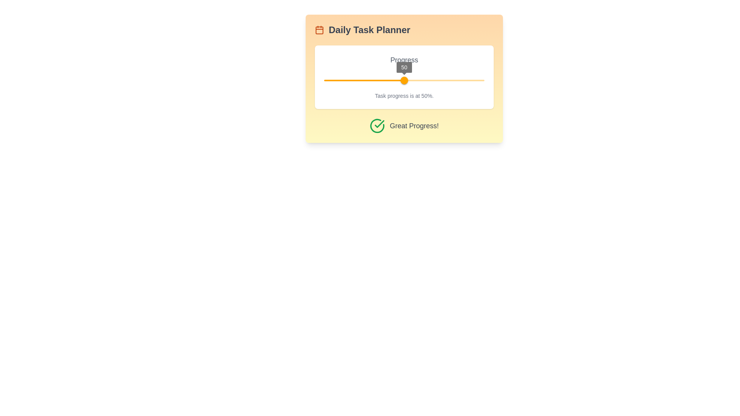  What do you see at coordinates (417, 80) in the screenshot?
I see `the progress value` at bounding box center [417, 80].